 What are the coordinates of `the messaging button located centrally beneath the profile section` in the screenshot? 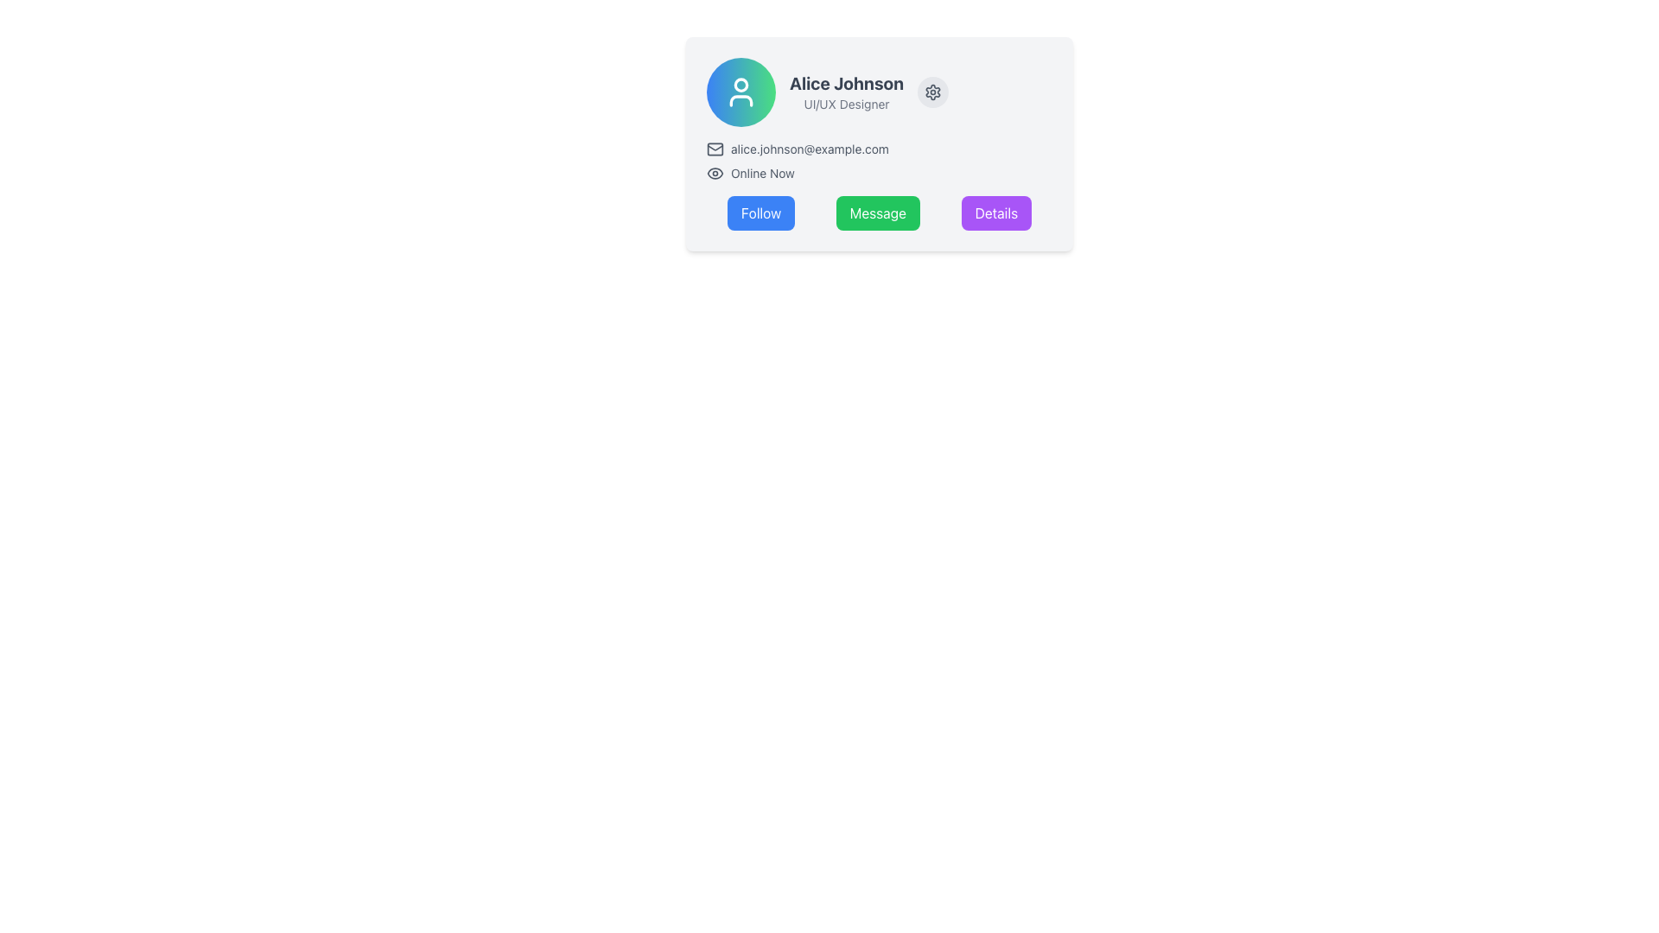 It's located at (878, 212).